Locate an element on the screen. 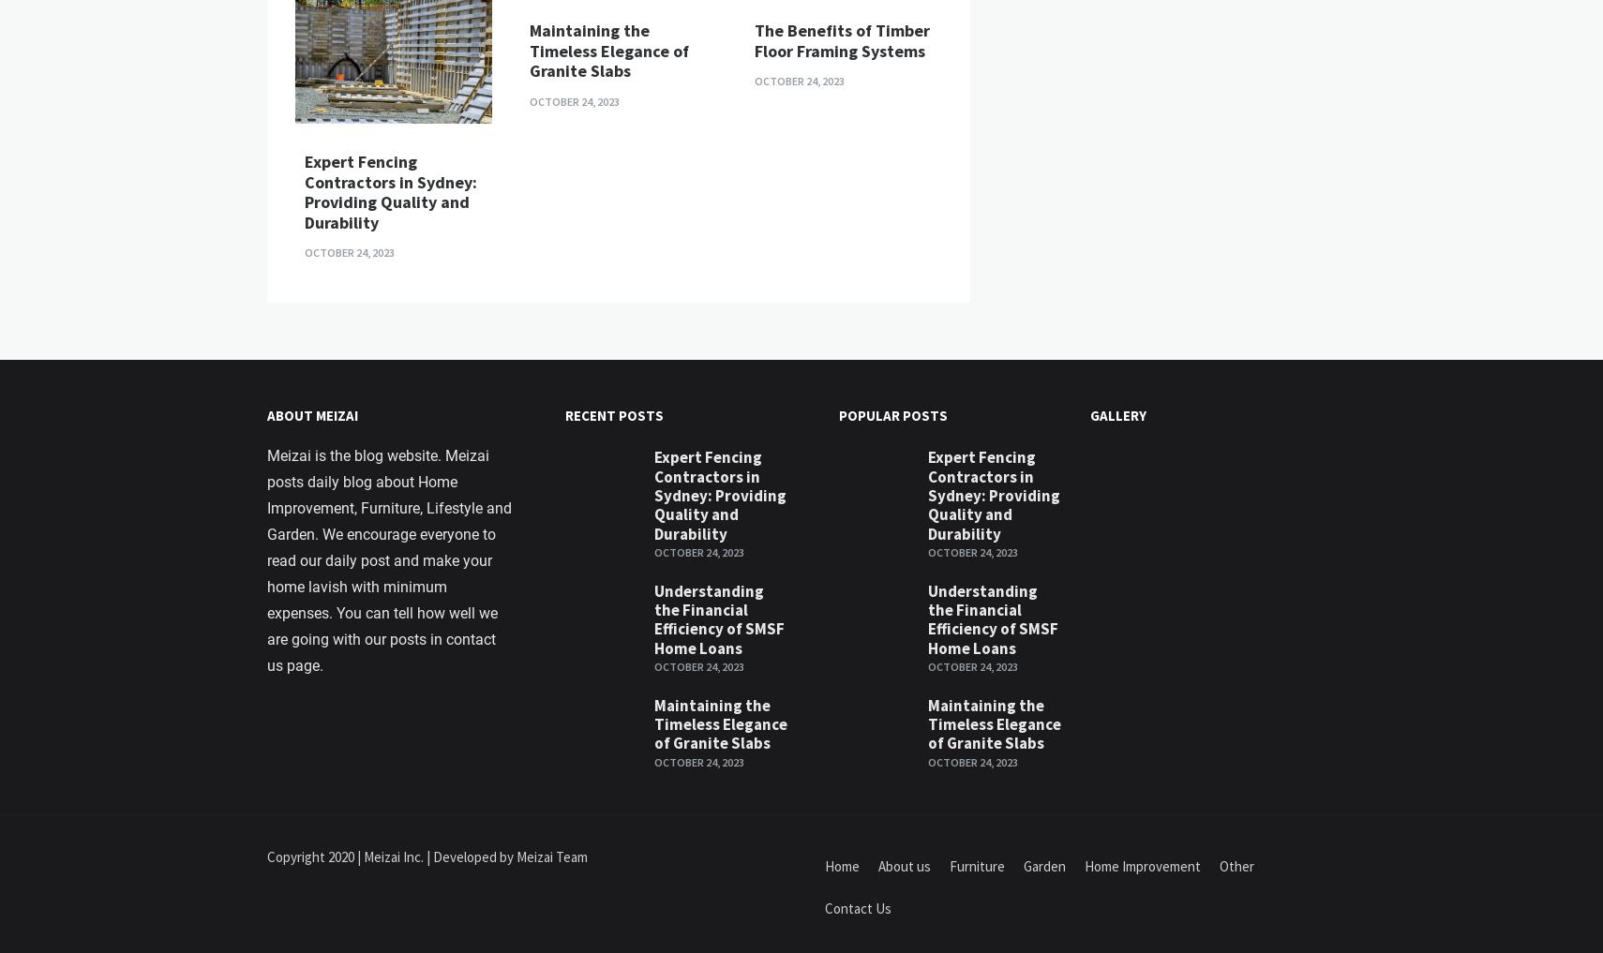  'About Meizai' is located at coordinates (311, 734).